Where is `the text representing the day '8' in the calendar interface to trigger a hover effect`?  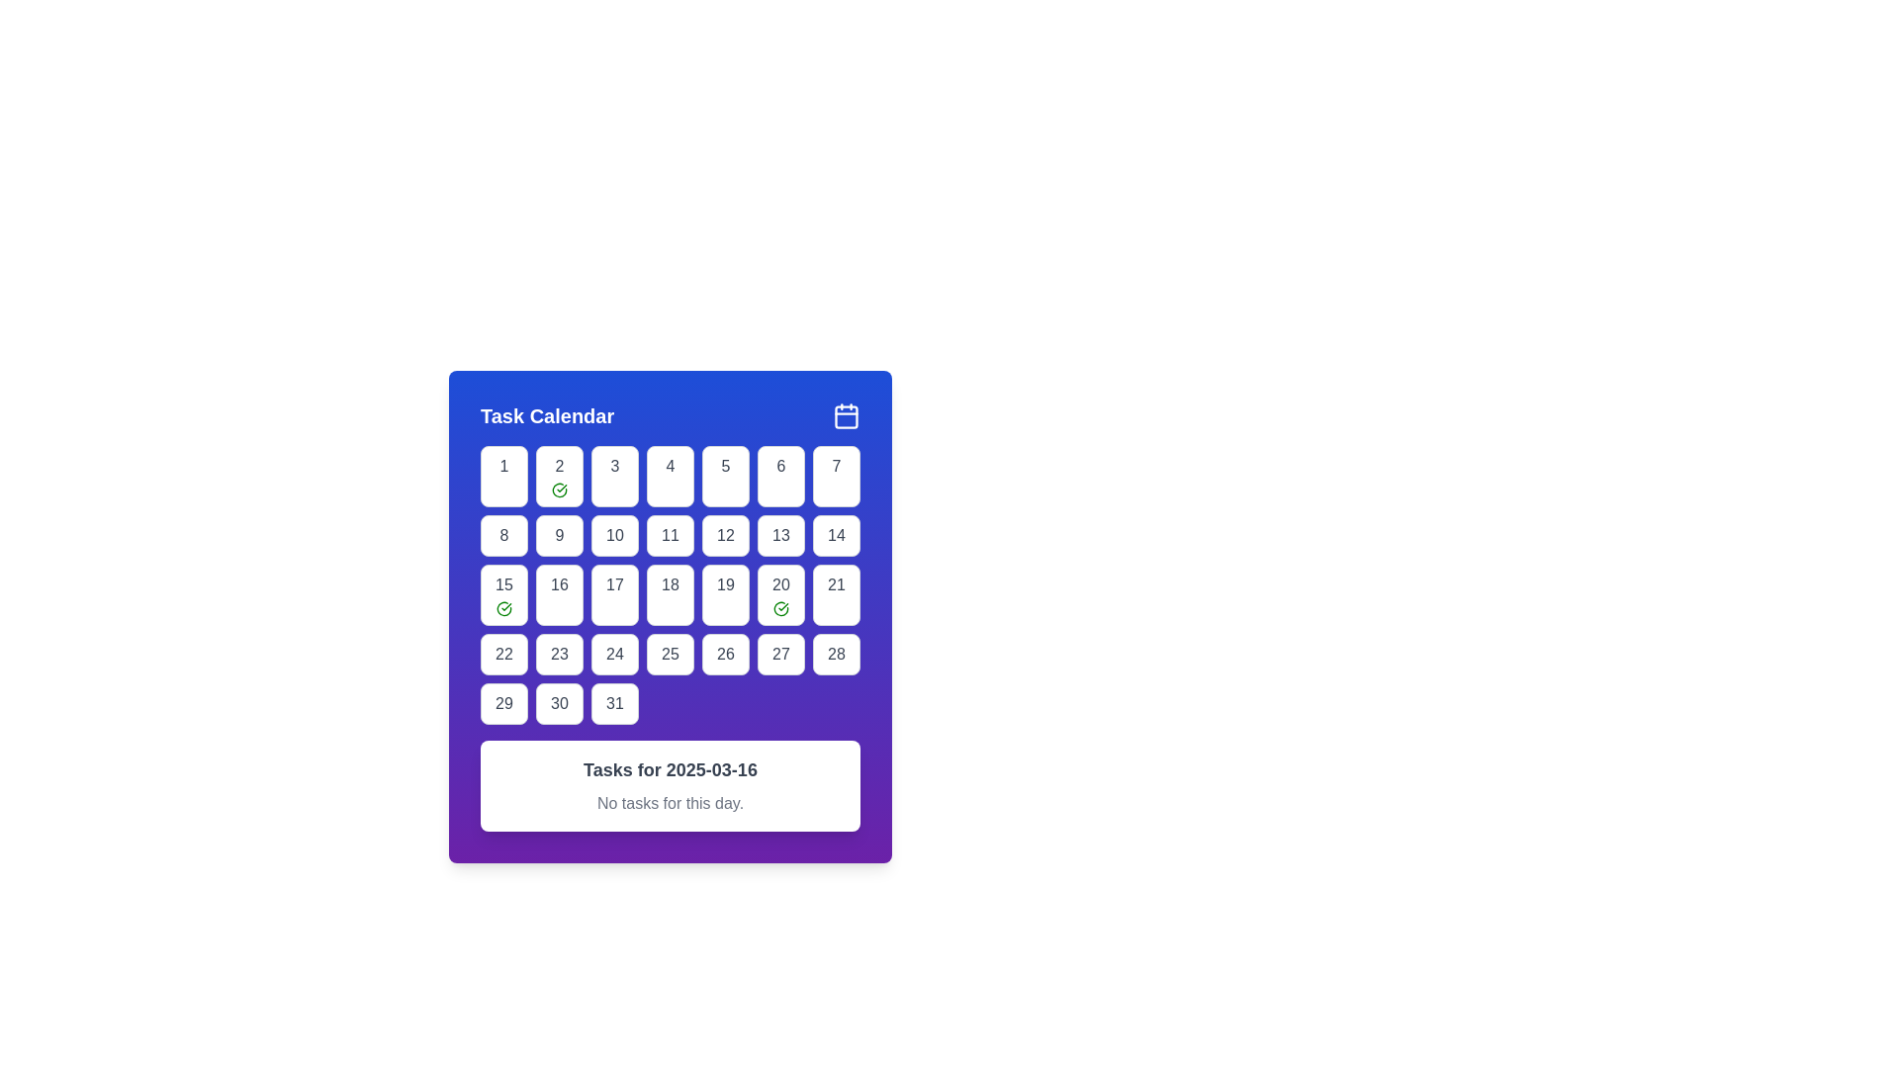 the text representing the day '8' in the calendar interface to trigger a hover effect is located at coordinates (503, 536).